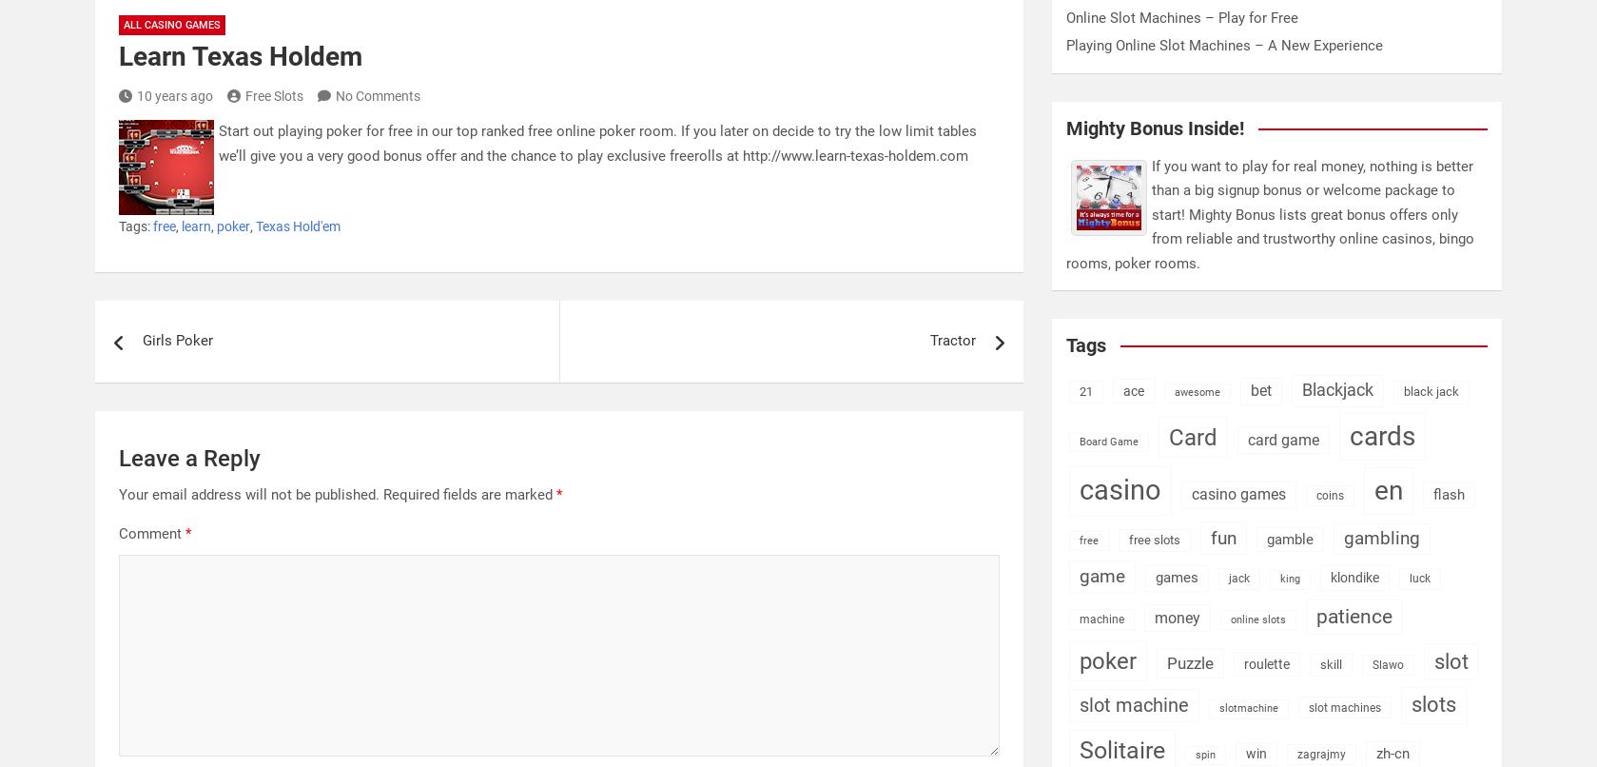  Describe the element at coordinates (1133, 703) in the screenshot. I see `'slot machine'` at that location.